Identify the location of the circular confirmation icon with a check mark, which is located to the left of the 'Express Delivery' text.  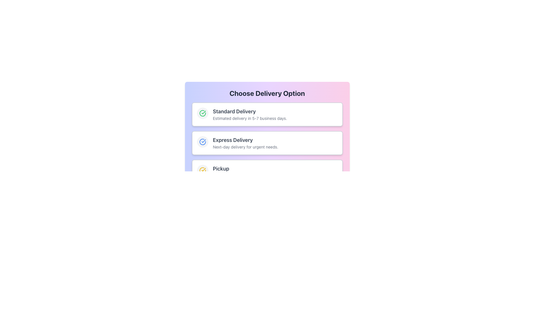
(202, 142).